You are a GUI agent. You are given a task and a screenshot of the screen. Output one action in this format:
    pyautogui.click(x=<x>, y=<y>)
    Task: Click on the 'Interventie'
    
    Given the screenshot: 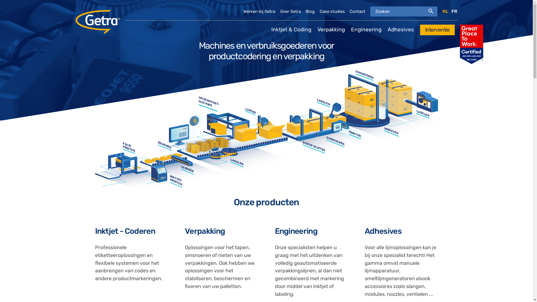 What is the action you would take?
    pyautogui.click(x=437, y=30)
    